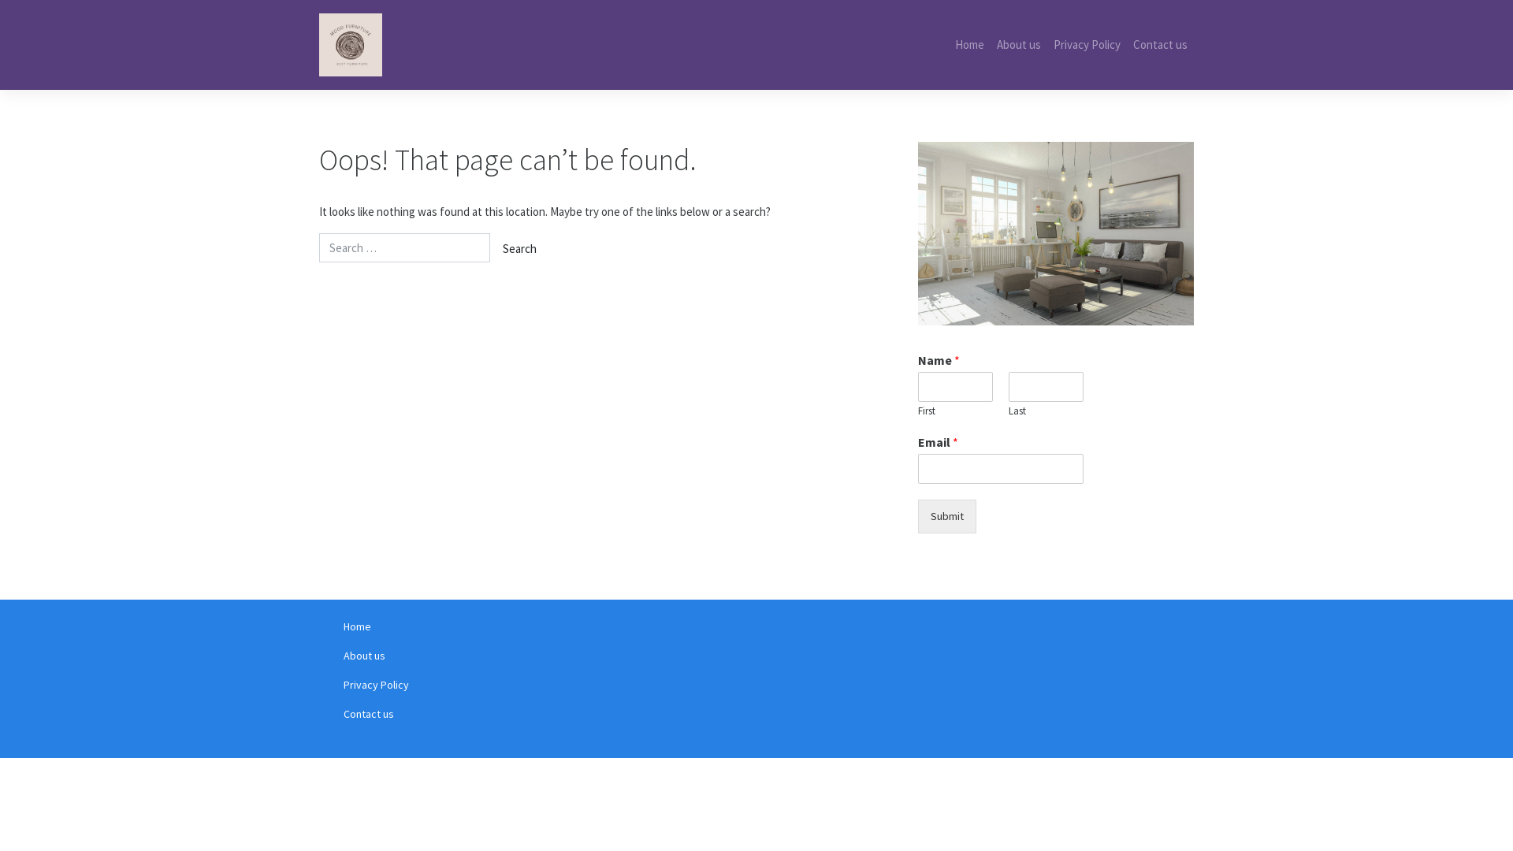  What do you see at coordinates (1018, 44) in the screenshot?
I see `'About us'` at bounding box center [1018, 44].